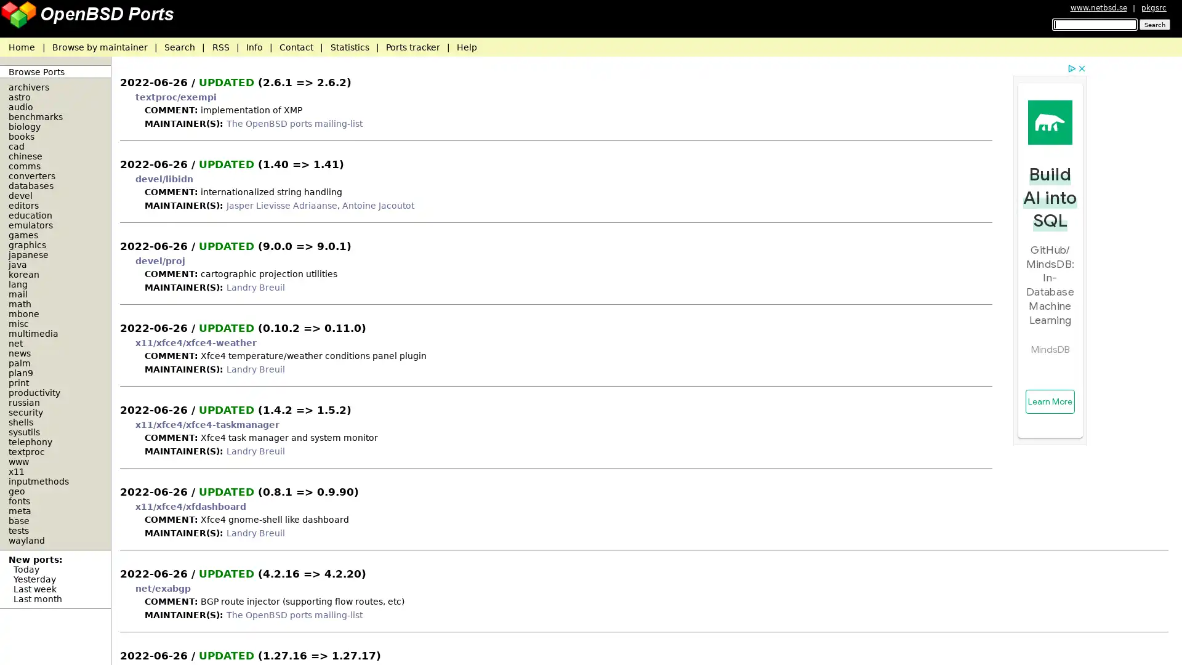  Describe the element at coordinates (1154, 24) in the screenshot. I see `Search` at that location.